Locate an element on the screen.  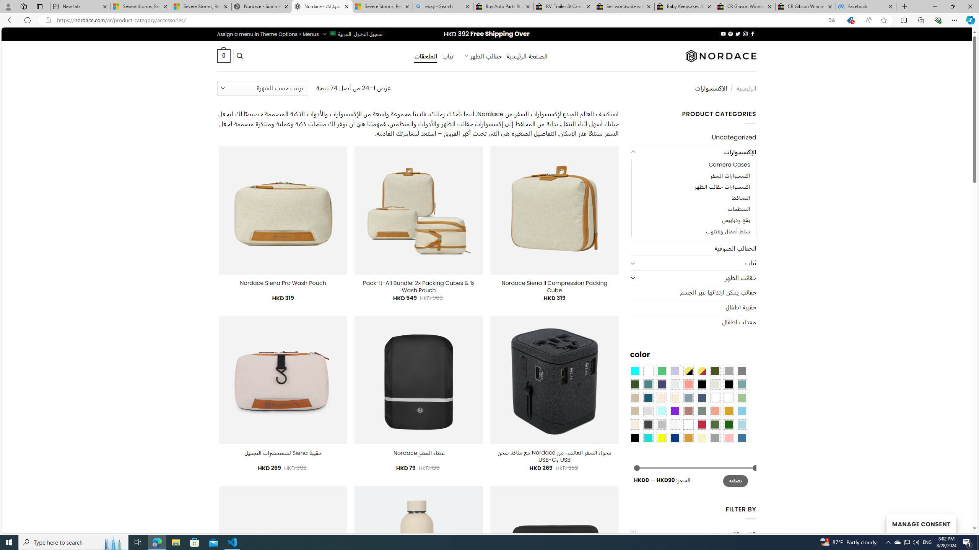
'Show translate options' is located at coordinates (831, 20).